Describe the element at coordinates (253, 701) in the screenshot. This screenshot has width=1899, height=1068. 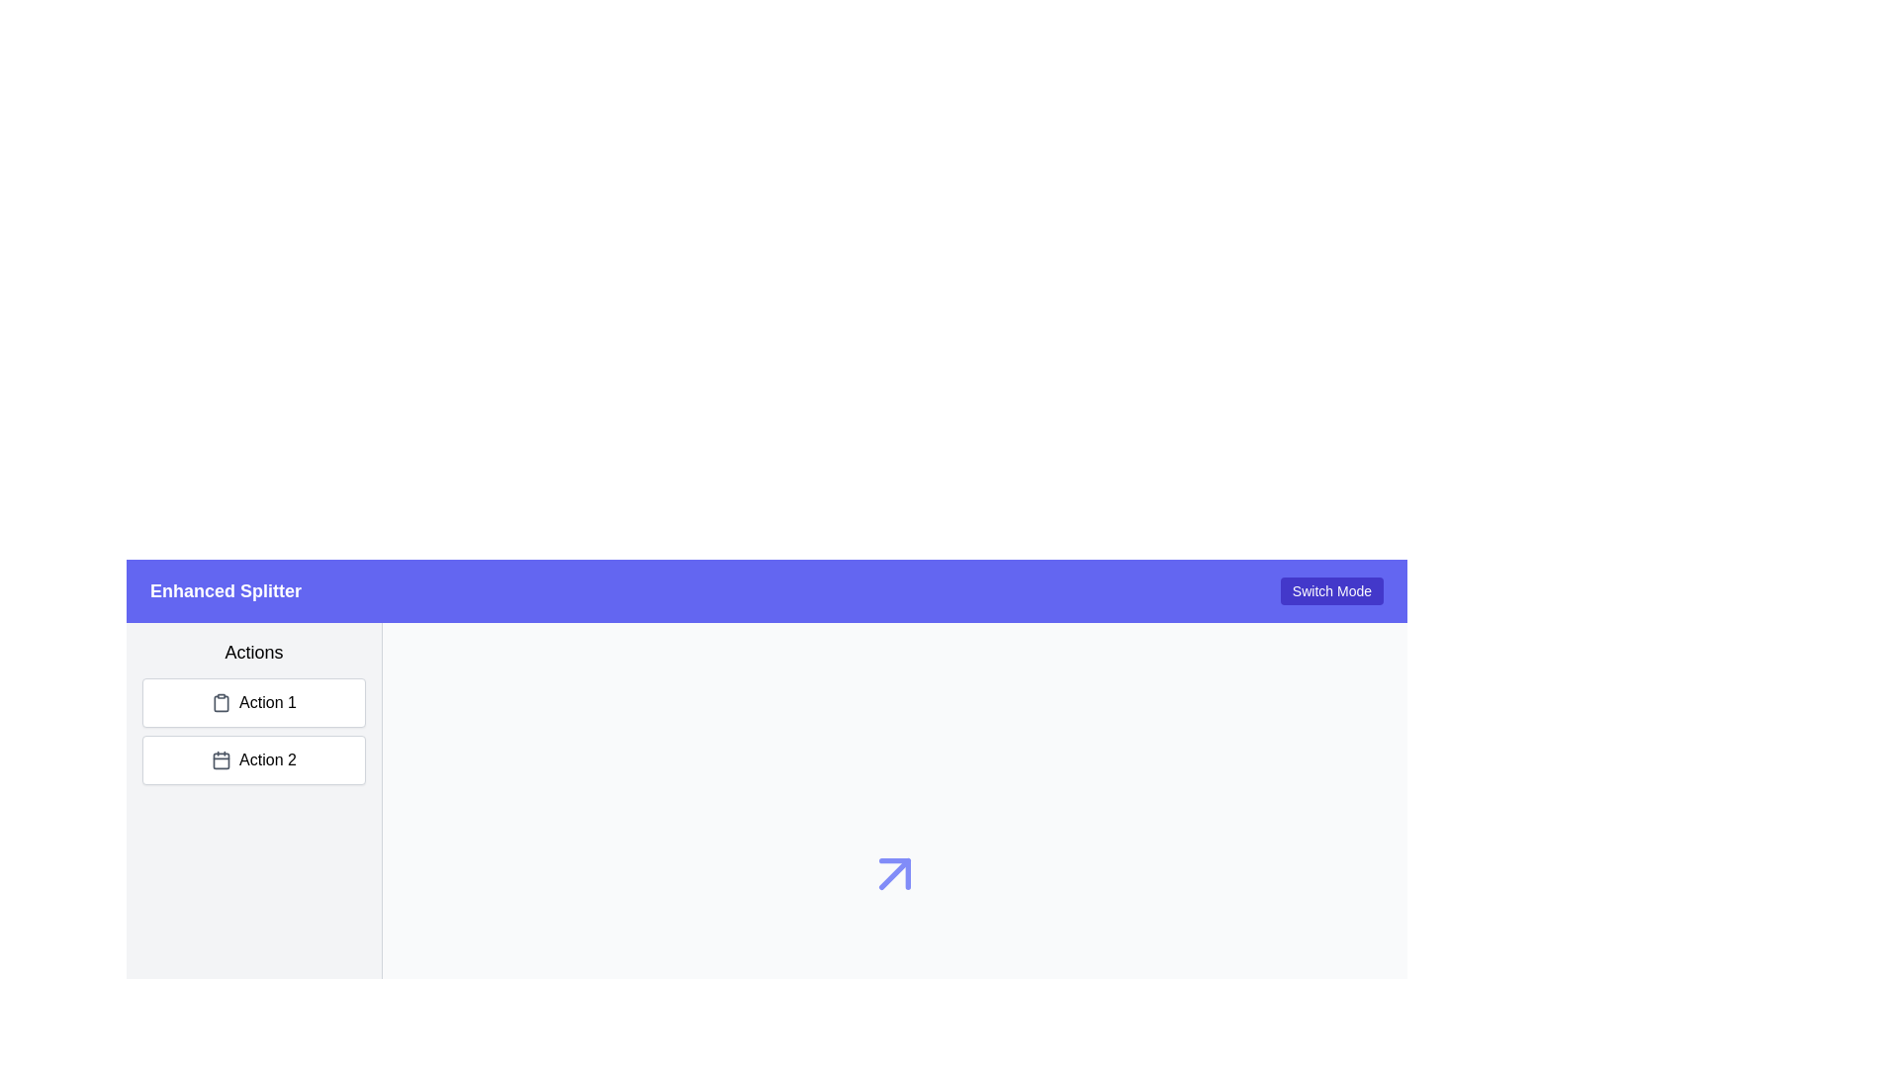
I see `the button labeled 'Action 1' located in the 'Actions' section, which has a white background, gray border, rounded corners, and a clipboard icon` at that location.